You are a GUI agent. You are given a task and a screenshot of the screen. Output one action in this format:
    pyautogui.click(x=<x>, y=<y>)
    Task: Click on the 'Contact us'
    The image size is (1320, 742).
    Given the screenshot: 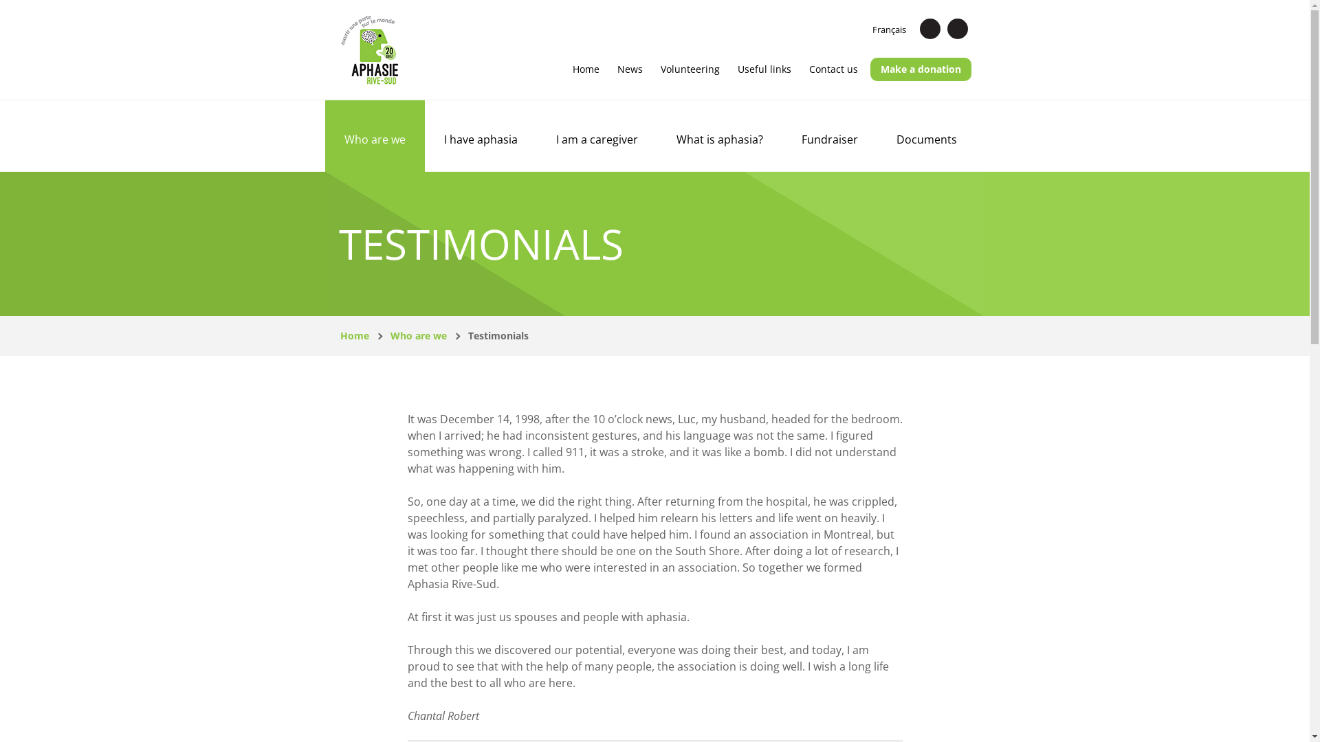 What is the action you would take?
    pyautogui.click(x=832, y=69)
    